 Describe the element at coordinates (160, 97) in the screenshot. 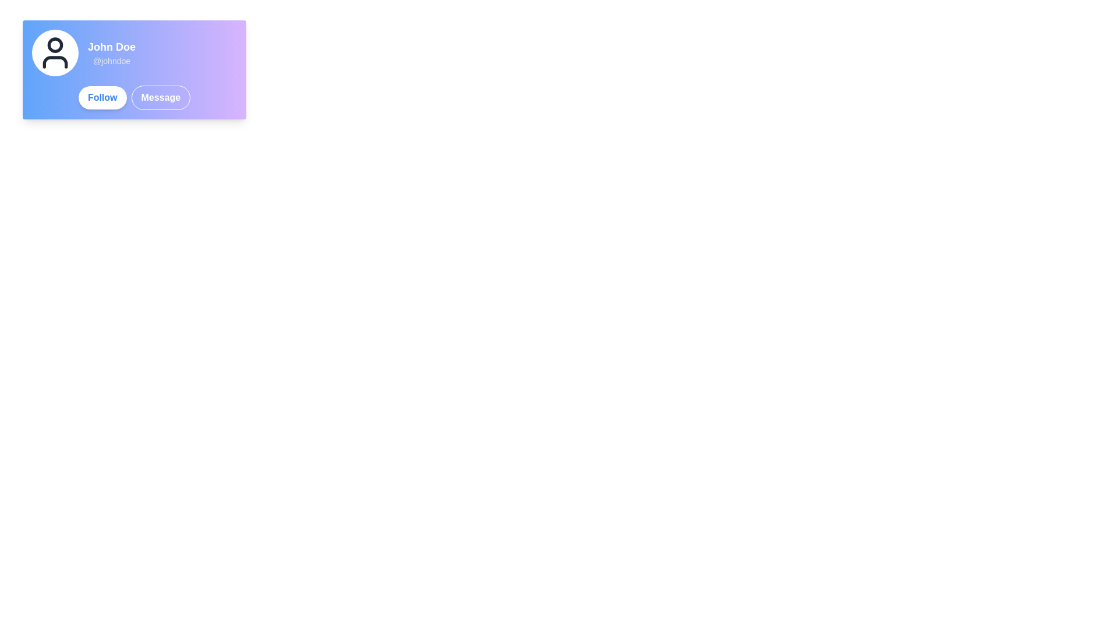

I see `the messaging button located immediately to the right of the 'Follow' button in the card layout for accessibility navigation` at that location.